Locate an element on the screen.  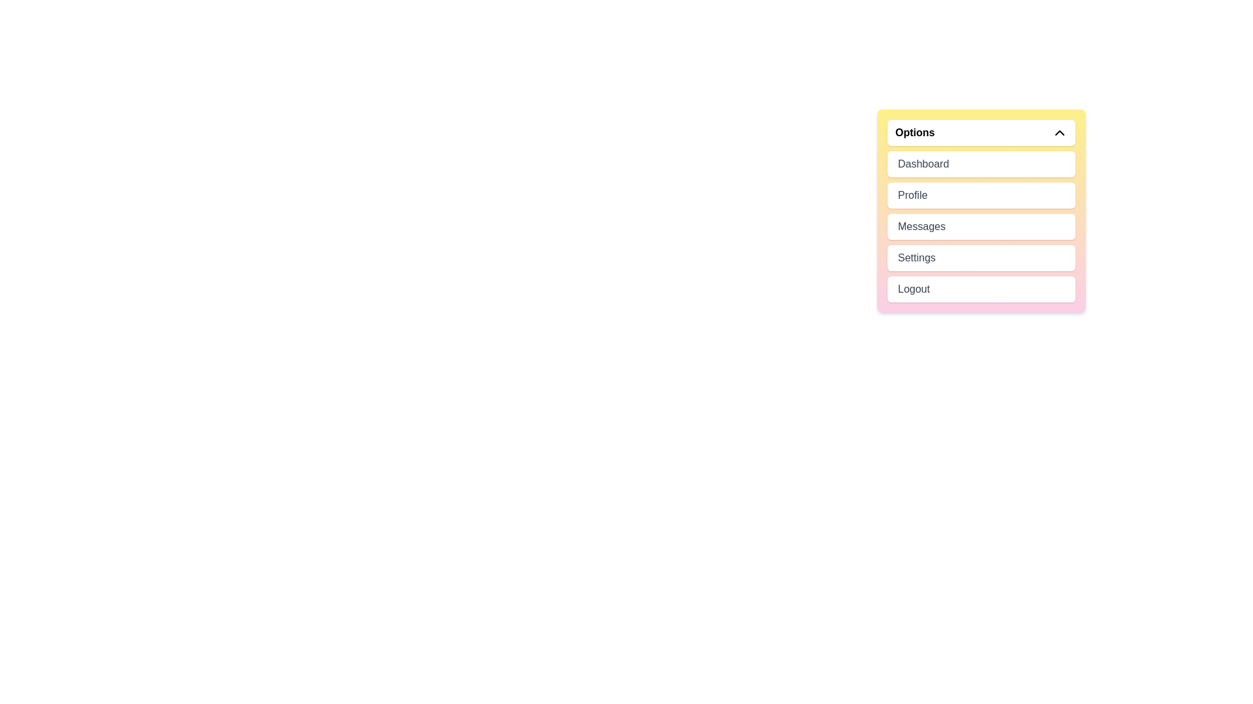
the menu item Settings to highlight it is located at coordinates (981, 258).